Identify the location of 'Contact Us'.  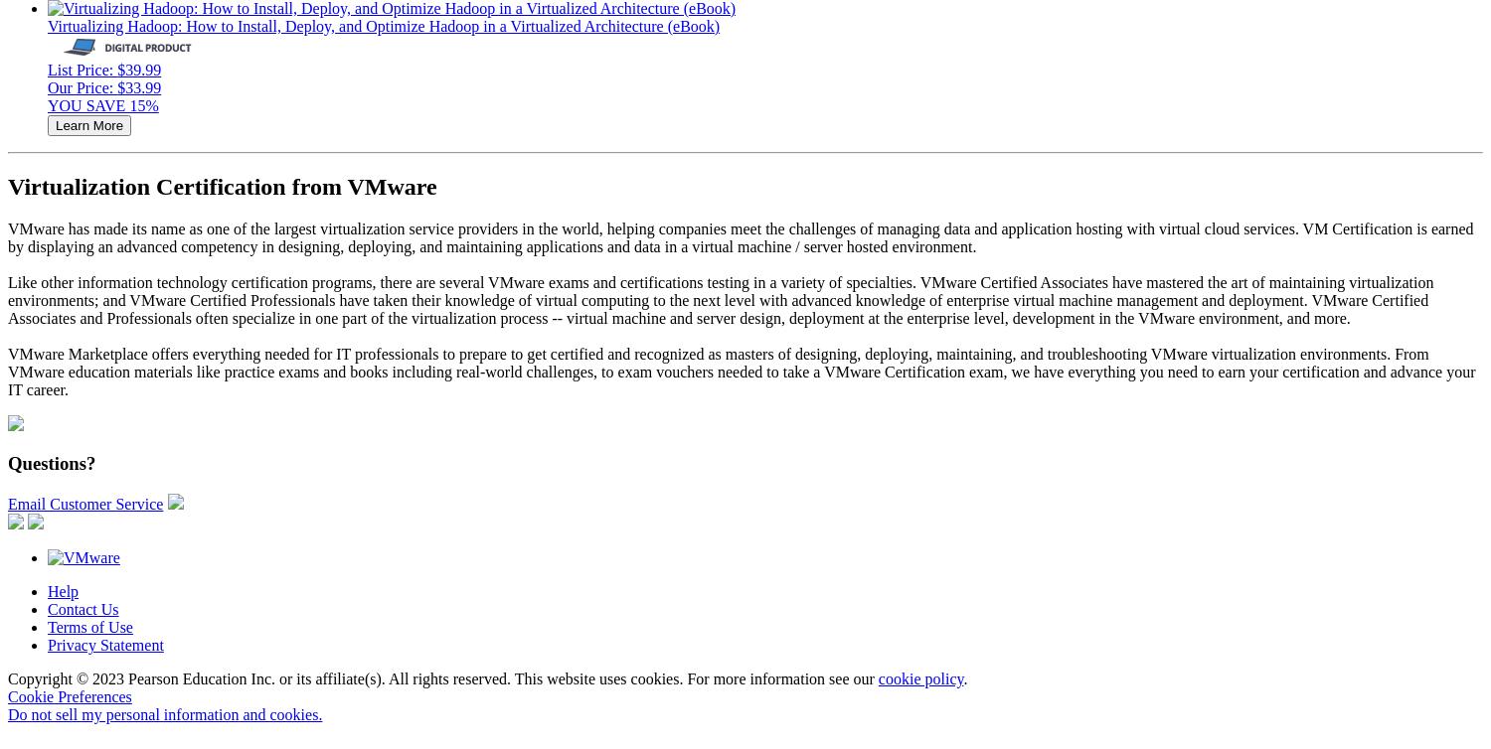
(48, 608).